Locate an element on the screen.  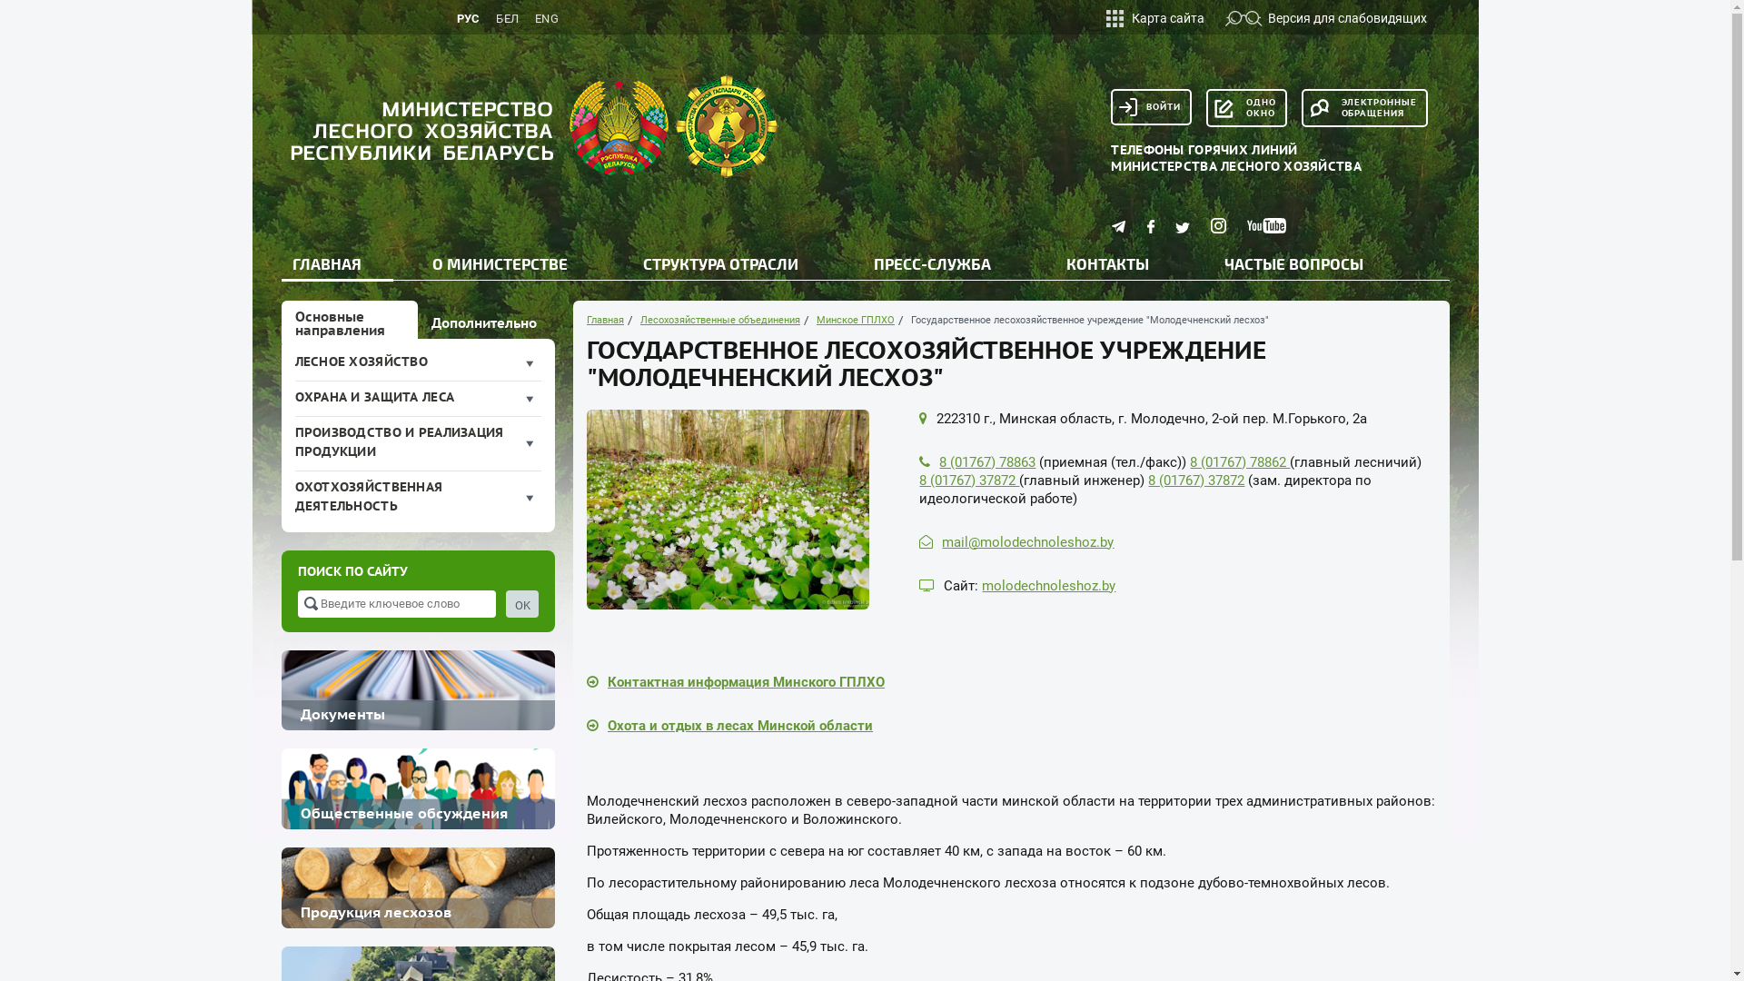
'OK' is located at coordinates (521, 603).